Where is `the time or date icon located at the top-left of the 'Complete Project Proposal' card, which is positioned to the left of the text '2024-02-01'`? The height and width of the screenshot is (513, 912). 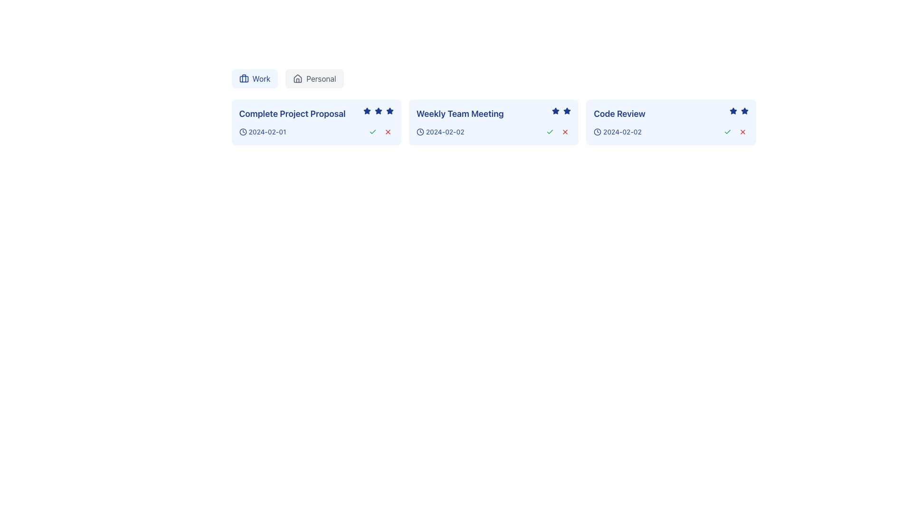
the time or date icon located at the top-left of the 'Complete Project Proposal' card, which is positioned to the left of the text '2024-02-01' is located at coordinates (243, 132).